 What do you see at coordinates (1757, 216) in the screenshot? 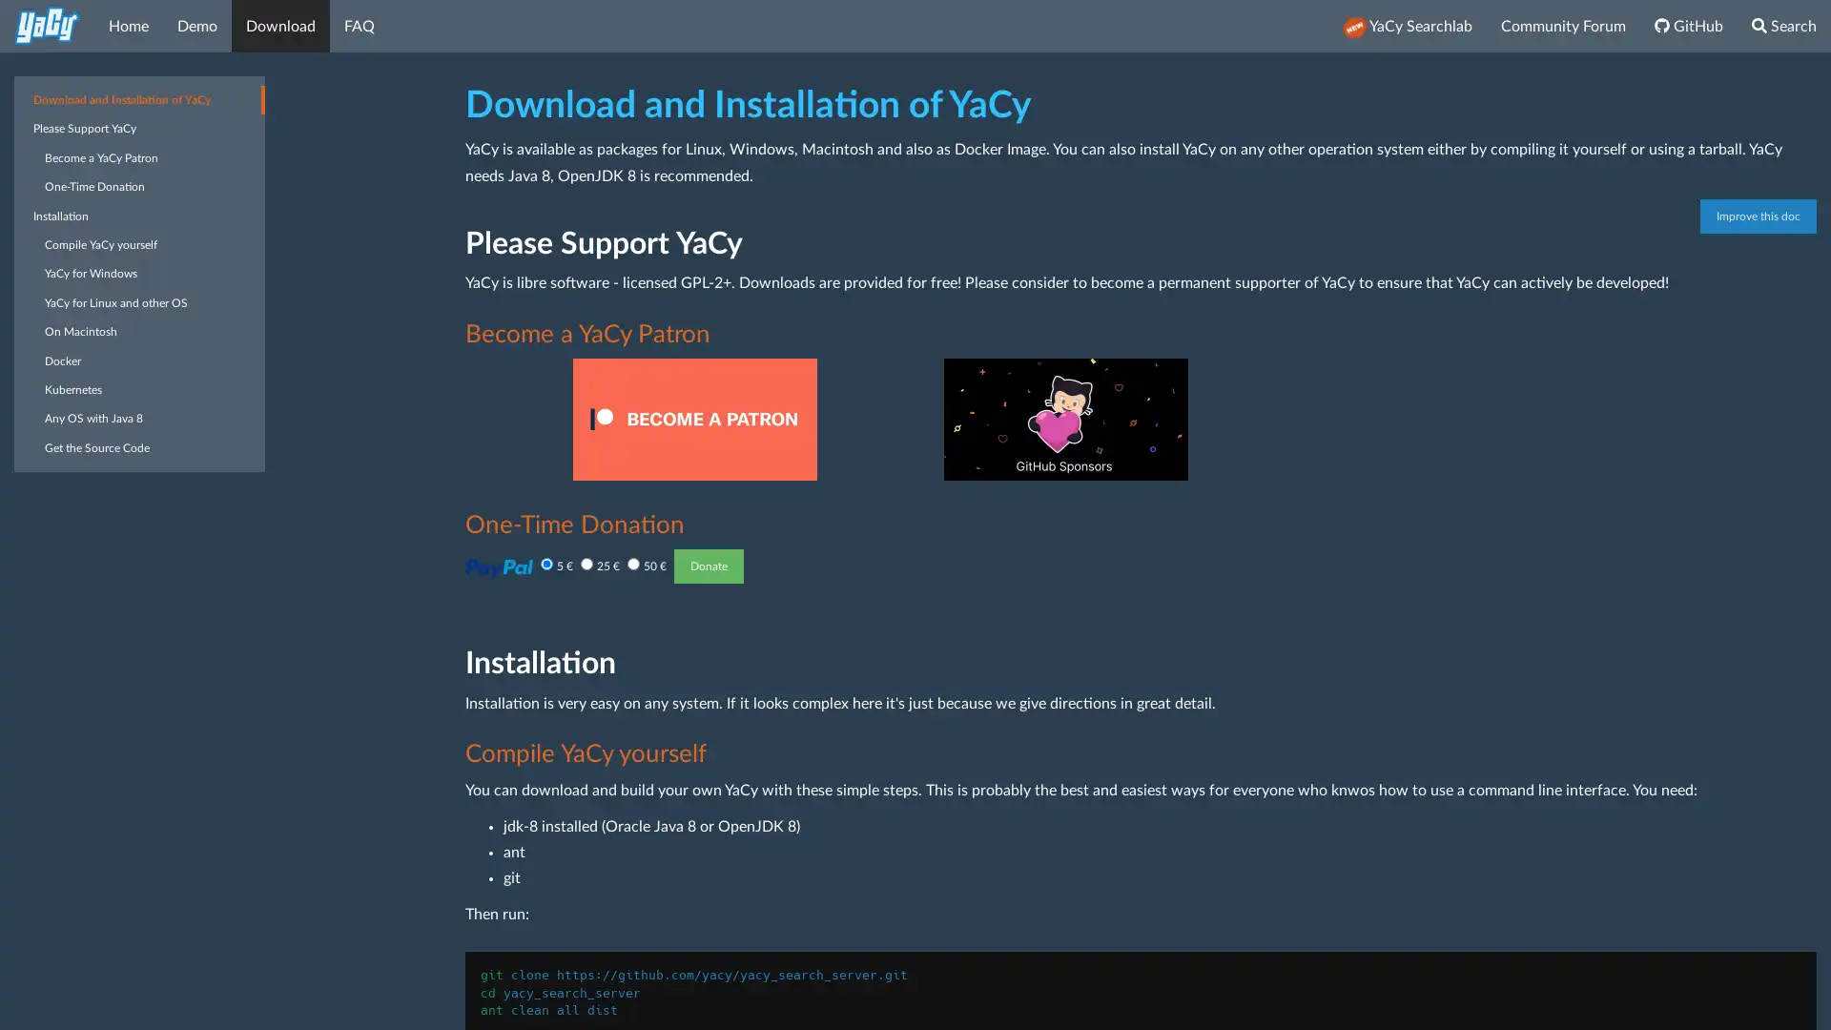
I see `Improve this doc` at bounding box center [1757, 216].